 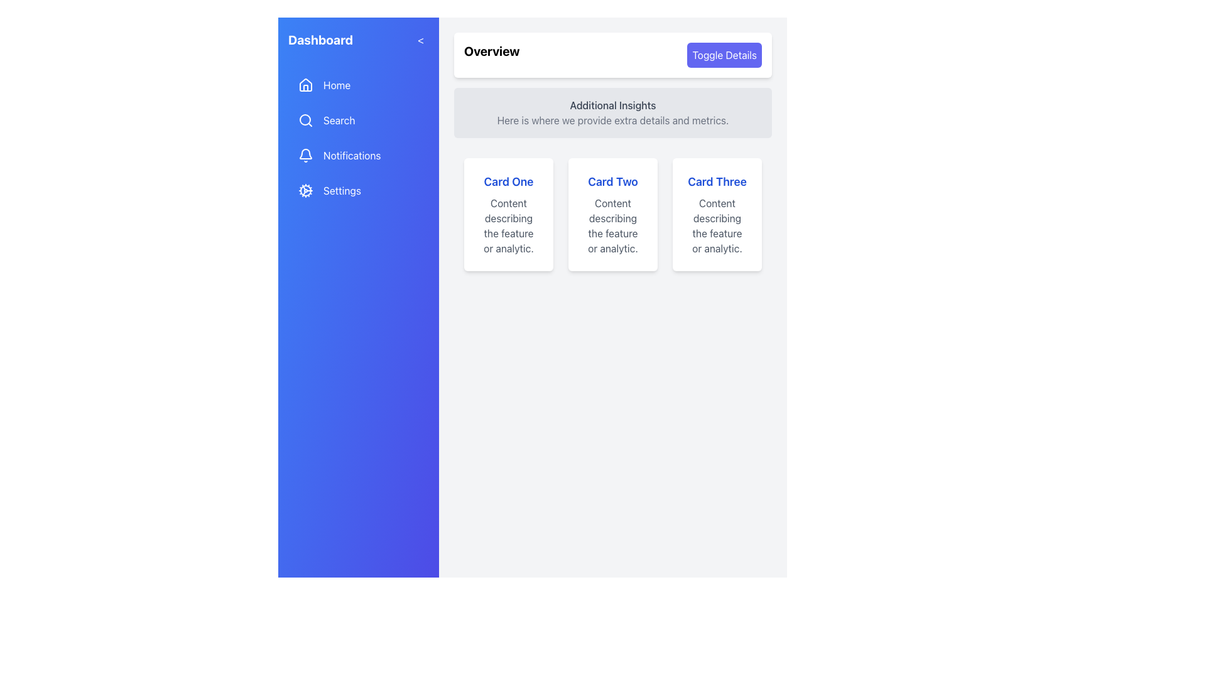 I want to click on the cogwheel icon representing the settings feature, which is located in the side navigation bar below the 'Notifications' item, so click(x=305, y=191).